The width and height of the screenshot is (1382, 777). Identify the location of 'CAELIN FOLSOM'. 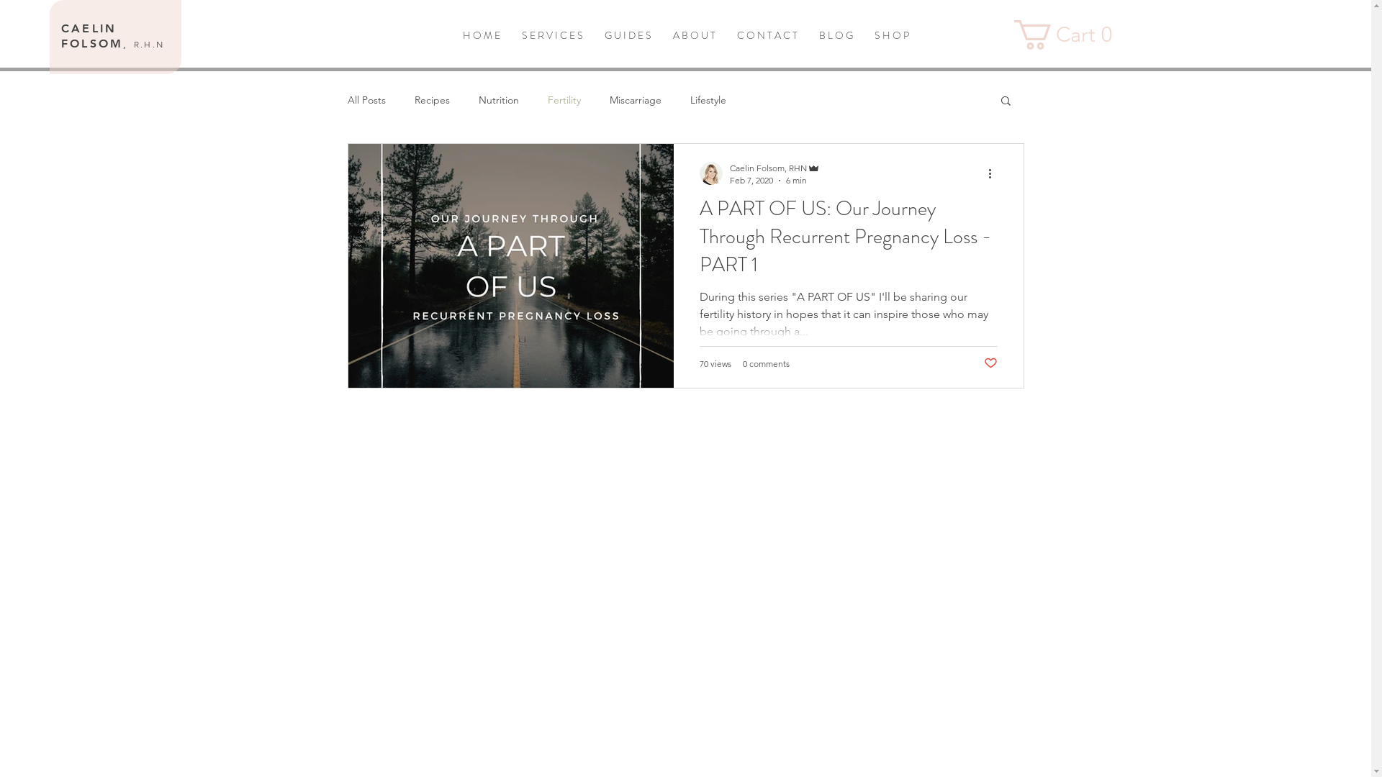
(60, 35).